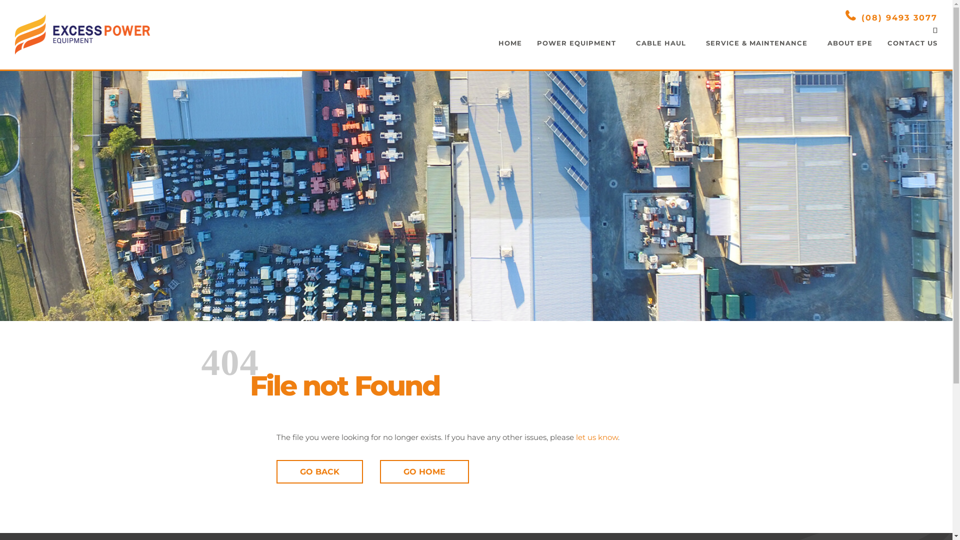  Describe the element at coordinates (318, 471) in the screenshot. I see `'GO BACK'` at that location.